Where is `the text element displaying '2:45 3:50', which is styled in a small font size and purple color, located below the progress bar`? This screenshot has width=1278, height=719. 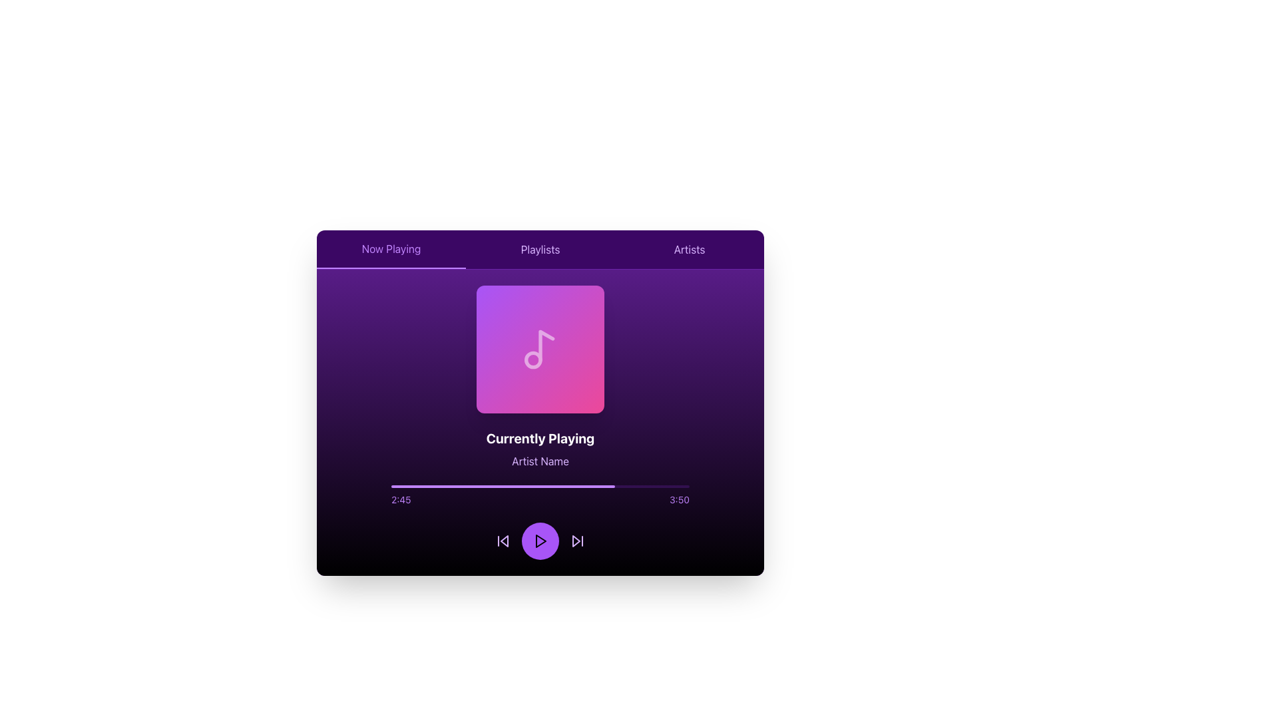
the text element displaying '2:45 3:50', which is styled in a small font size and purple color, located below the progress bar is located at coordinates (540, 500).